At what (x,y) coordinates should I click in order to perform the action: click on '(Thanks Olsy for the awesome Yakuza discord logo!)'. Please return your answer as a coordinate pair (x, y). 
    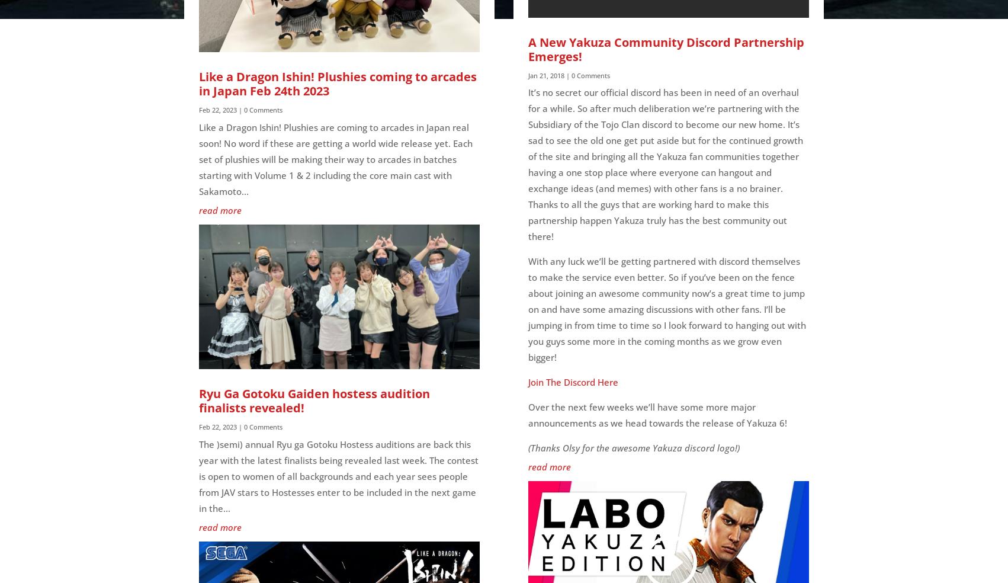
    Looking at the image, I should click on (528, 447).